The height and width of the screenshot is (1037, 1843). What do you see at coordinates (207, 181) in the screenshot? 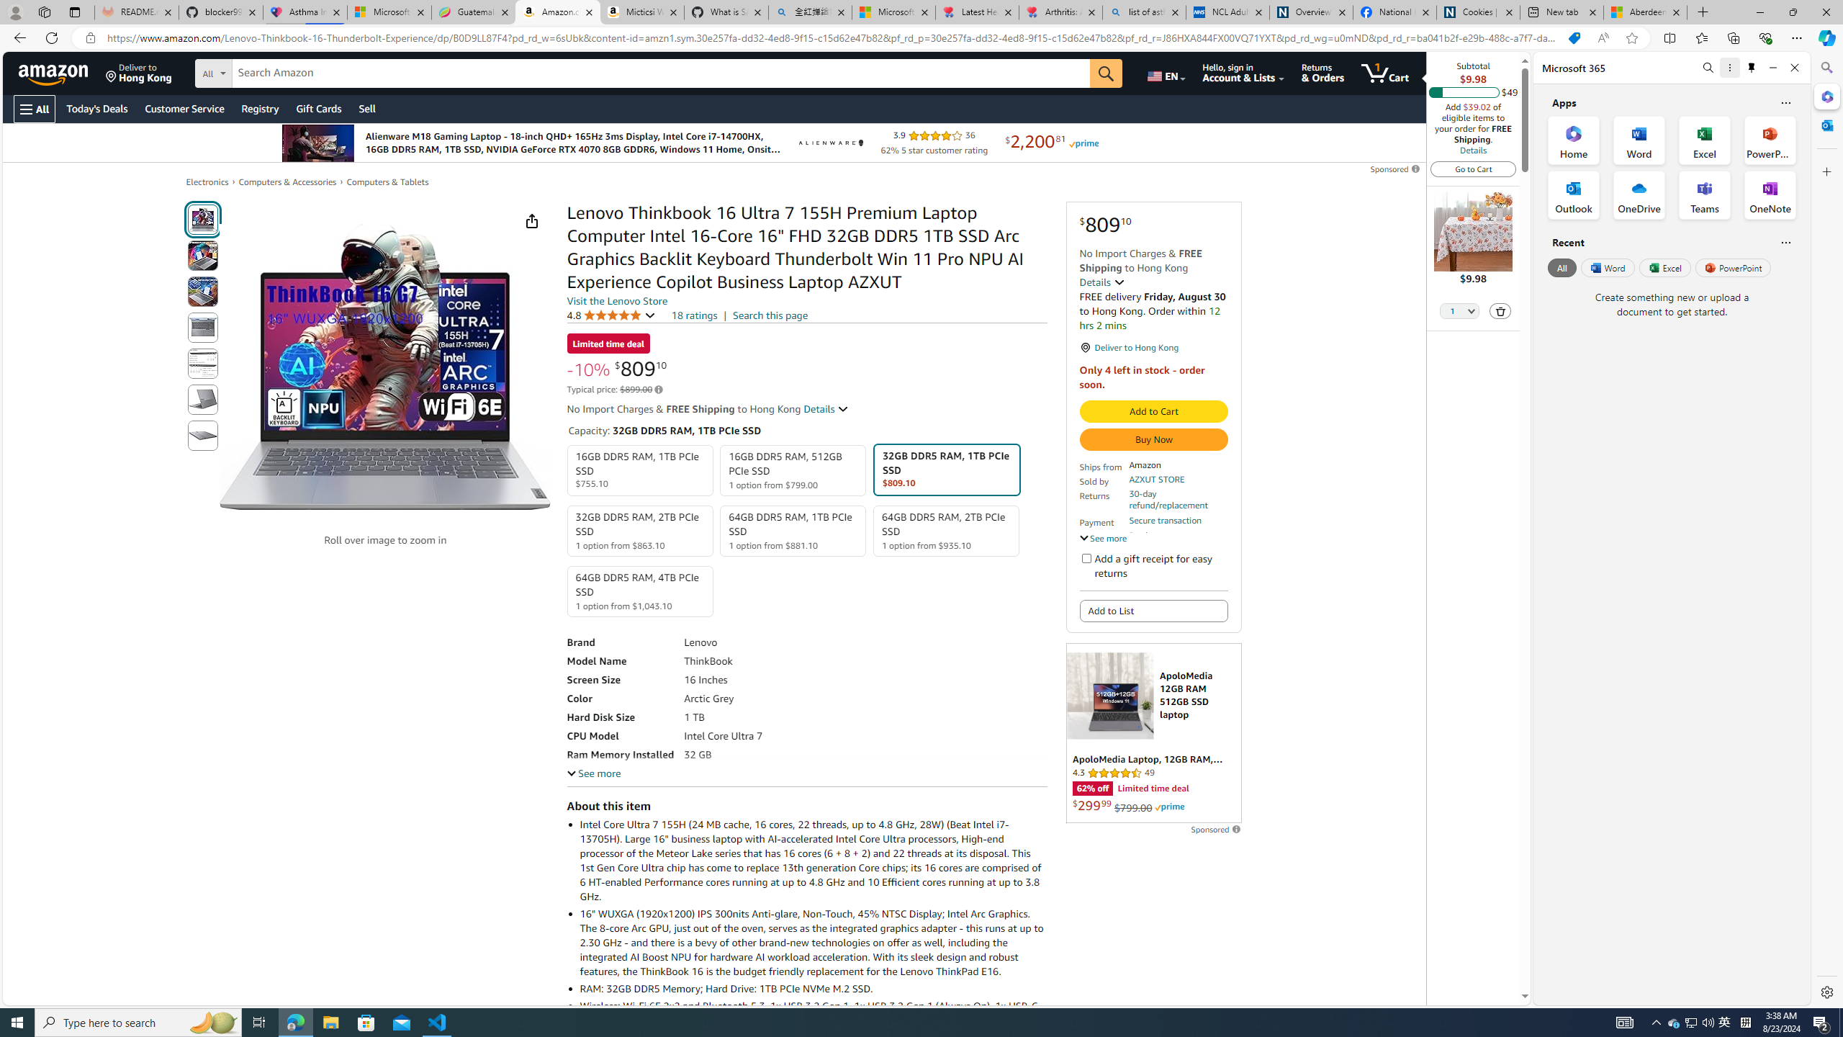
I see `'Electronics'` at bounding box center [207, 181].